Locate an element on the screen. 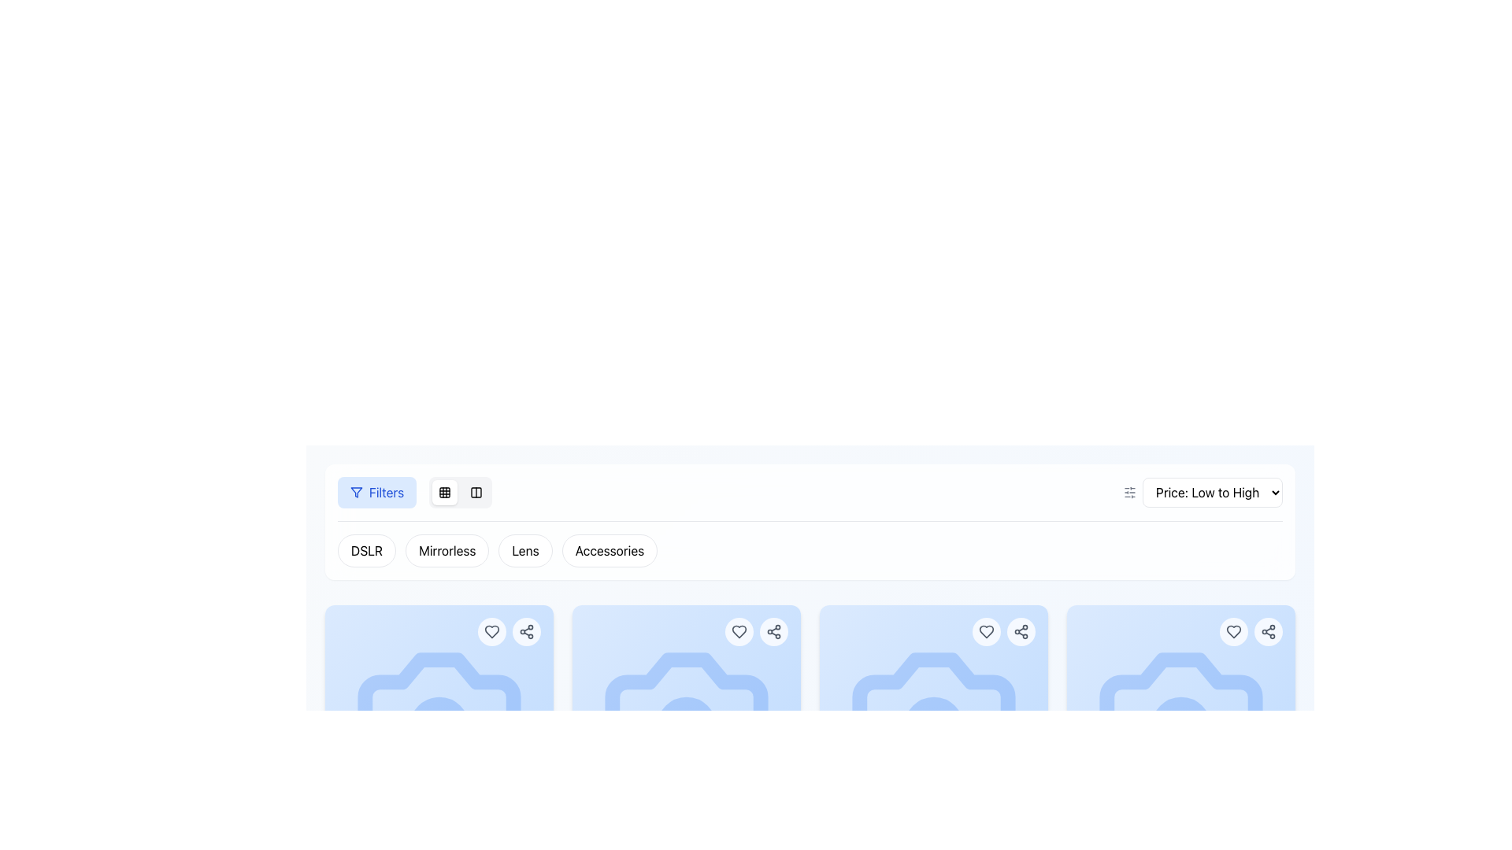  the heart-shaped icon with a gray outline is located at coordinates (739, 630).